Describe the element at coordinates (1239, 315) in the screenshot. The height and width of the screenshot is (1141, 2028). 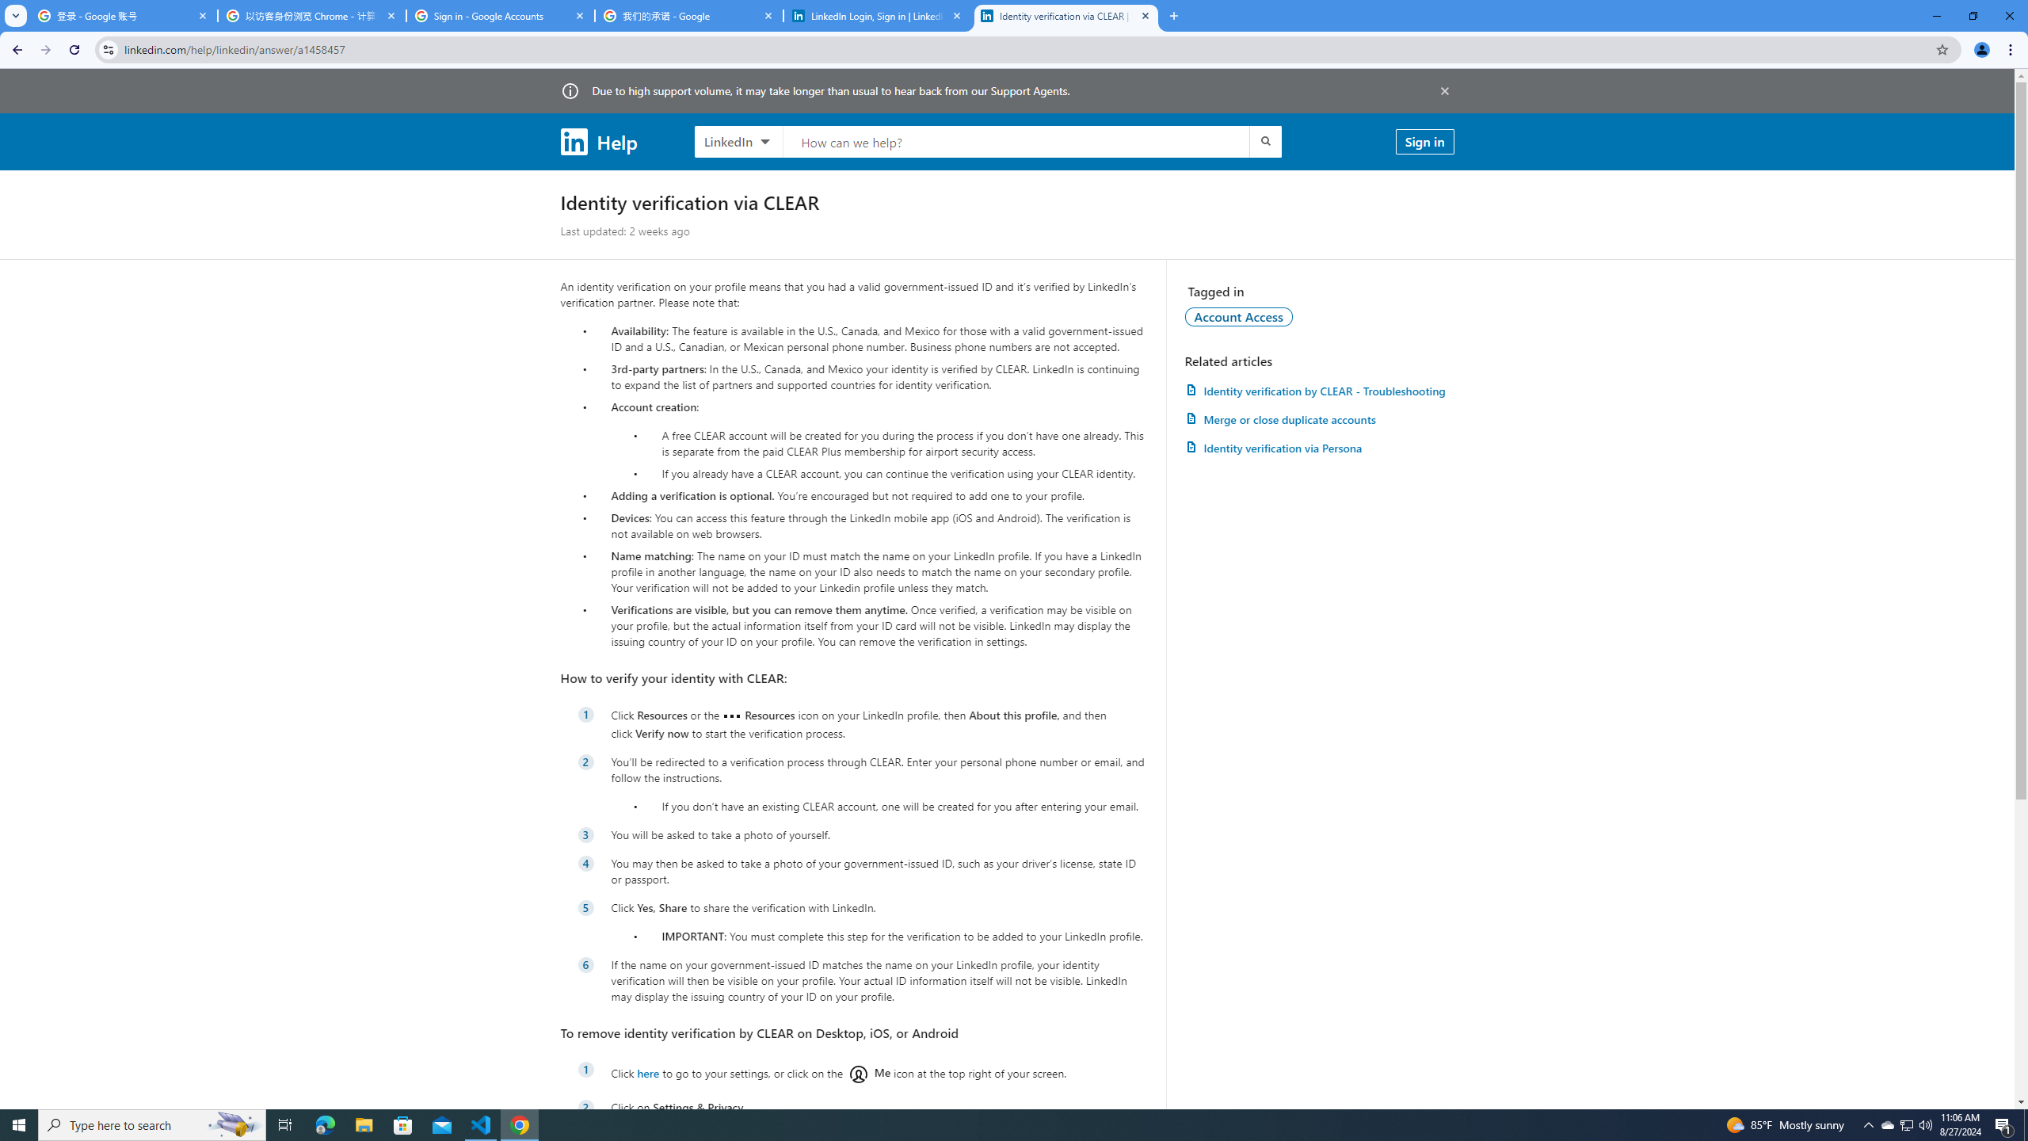
I see `'Account Access'` at that location.